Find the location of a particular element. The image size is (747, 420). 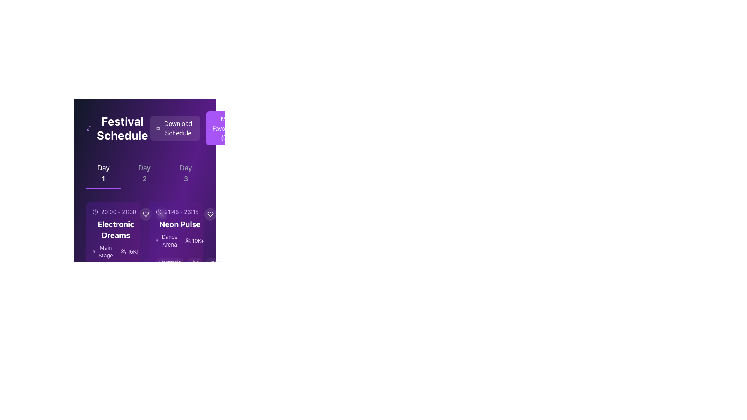

the text label indicating the location or venue for the 'Neon Pulse' event in the schedule, which is the first text component next to the '10K+' text component is located at coordinates (167, 240).